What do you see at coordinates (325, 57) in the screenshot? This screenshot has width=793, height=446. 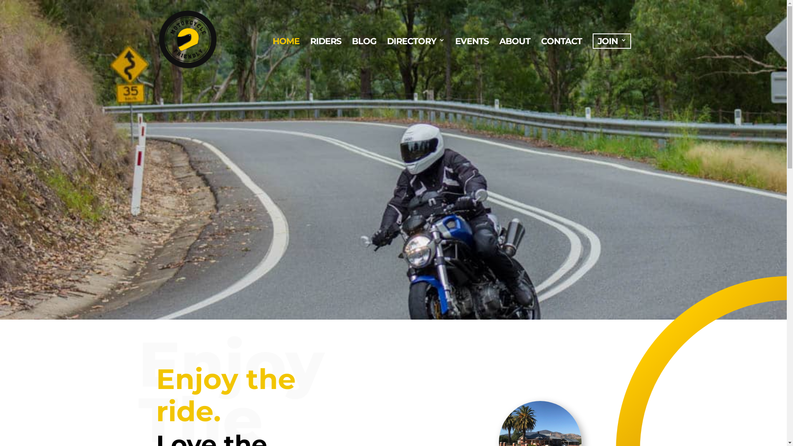 I see `'RIDERS'` at bounding box center [325, 57].